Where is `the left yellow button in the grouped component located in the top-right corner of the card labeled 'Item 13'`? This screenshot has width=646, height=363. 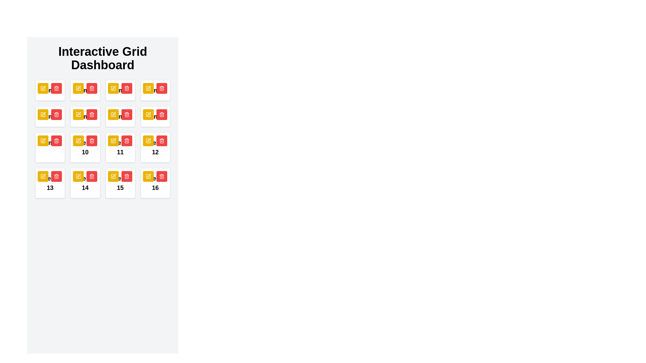
the left yellow button in the grouped component located in the top-right corner of the card labeled 'Item 13' is located at coordinates (49, 176).